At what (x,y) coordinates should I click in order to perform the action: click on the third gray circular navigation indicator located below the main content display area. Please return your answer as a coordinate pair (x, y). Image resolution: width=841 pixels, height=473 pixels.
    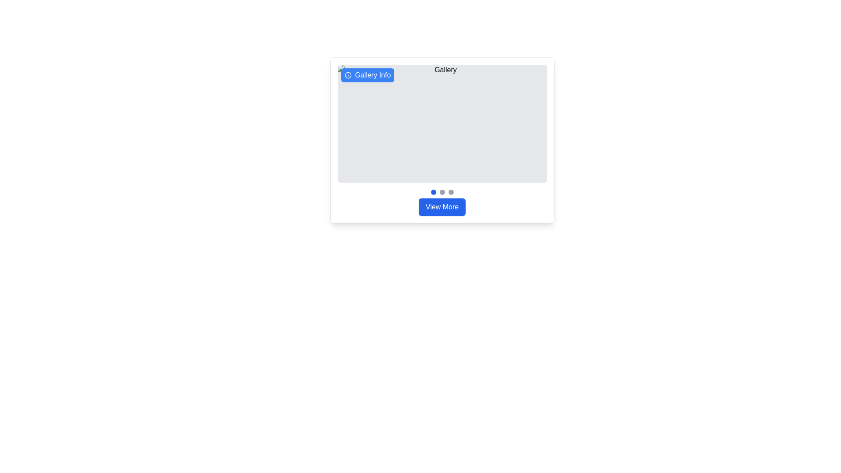
    Looking at the image, I should click on (451, 191).